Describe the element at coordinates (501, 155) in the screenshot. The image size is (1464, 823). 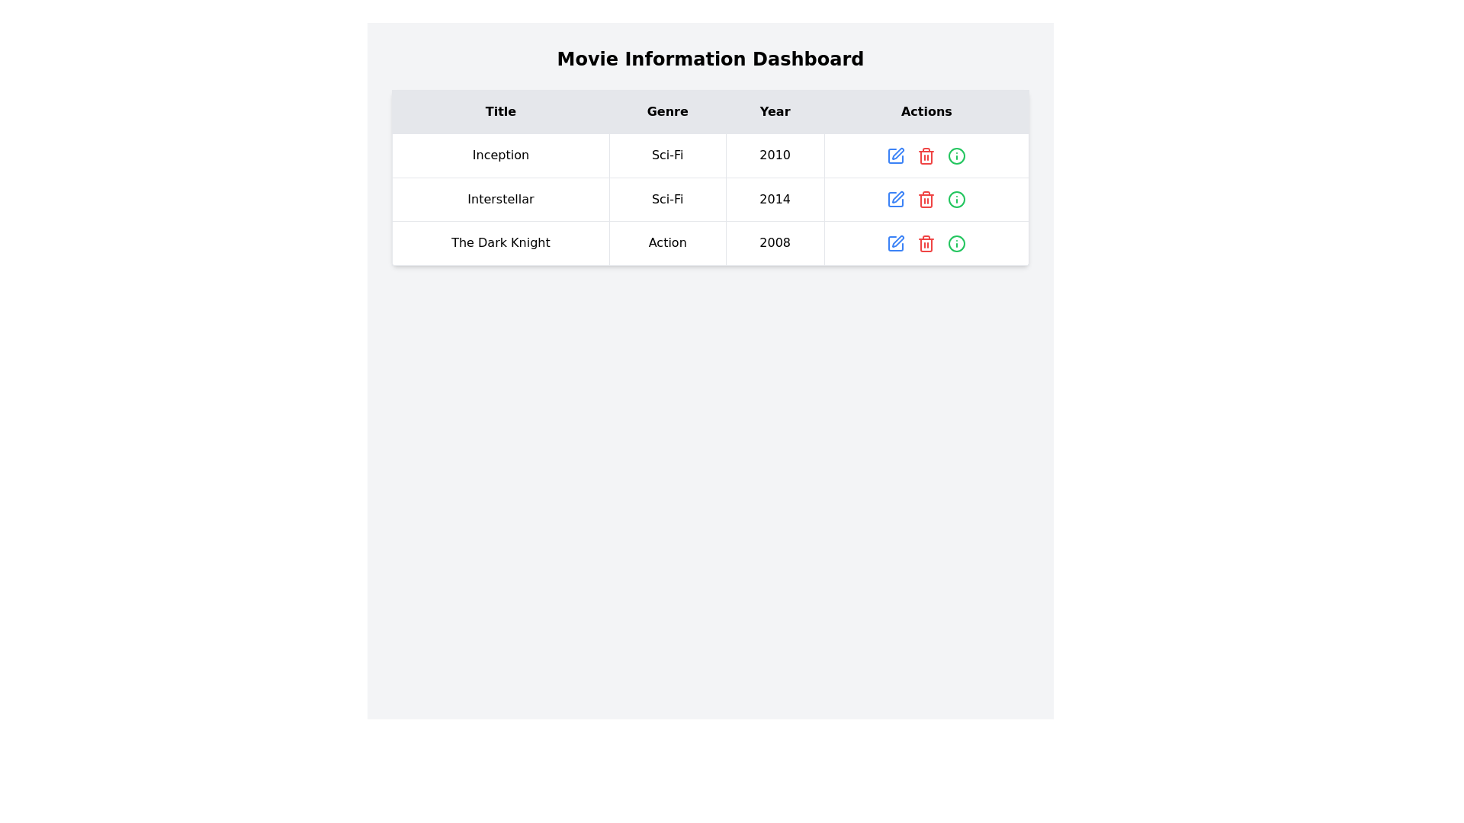
I see `the text block displaying the movie title 'Inception' which is bold and centered in the first row of the table under the 'Title' column` at that location.